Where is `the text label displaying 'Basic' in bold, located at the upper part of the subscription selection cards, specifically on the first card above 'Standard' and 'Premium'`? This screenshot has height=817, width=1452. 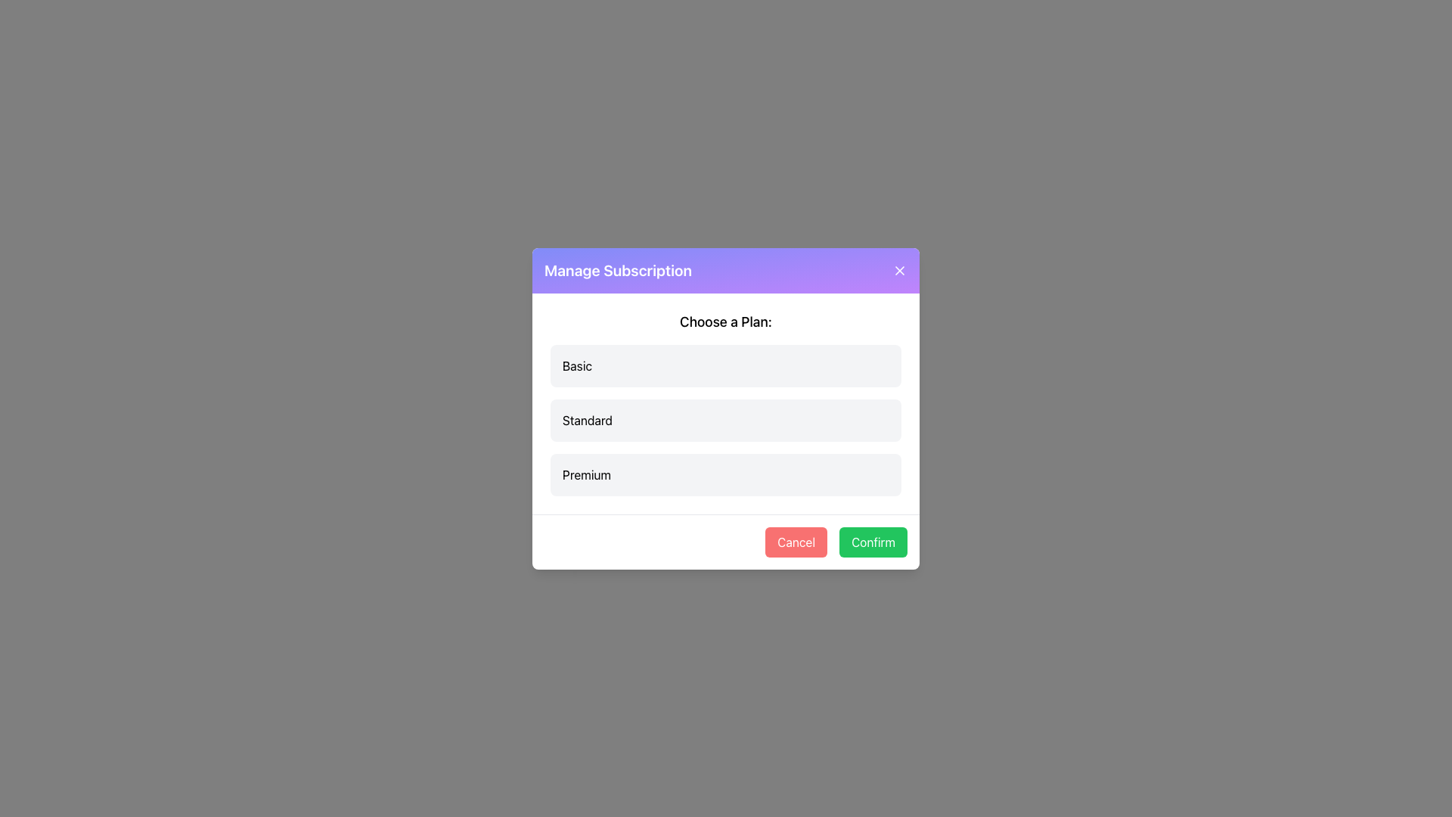 the text label displaying 'Basic' in bold, located at the upper part of the subscription selection cards, specifically on the first card above 'Standard' and 'Premium' is located at coordinates (576, 365).